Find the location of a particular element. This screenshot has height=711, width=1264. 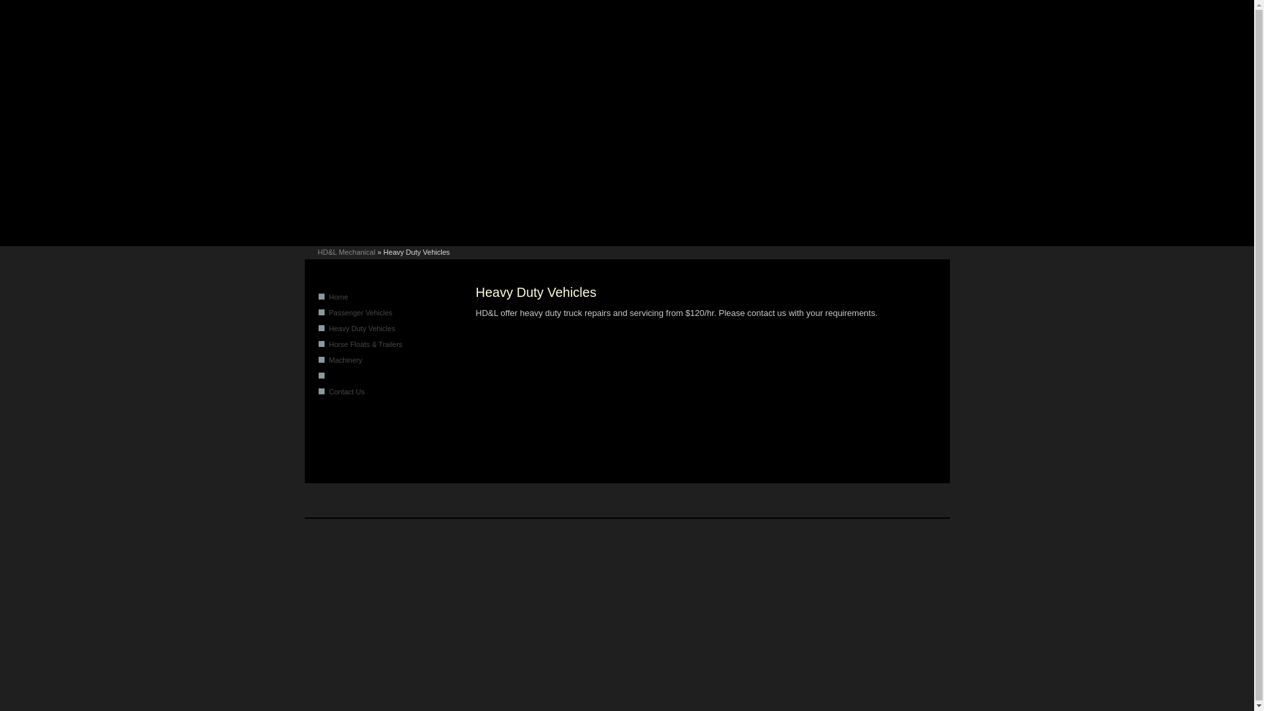

'Home' is located at coordinates (338, 297).